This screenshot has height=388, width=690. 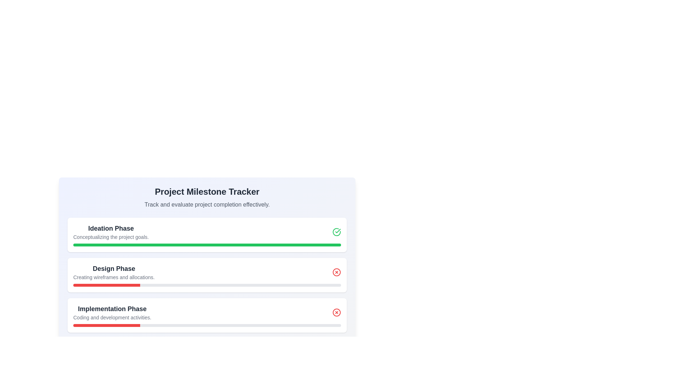 What do you see at coordinates (336, 312) in the screenshot?
I see `the error indicator icon located at the far-right of the 'Implementation Phase' card in the 'Project Milestone Tracker'` at bounding box center [336, 312].